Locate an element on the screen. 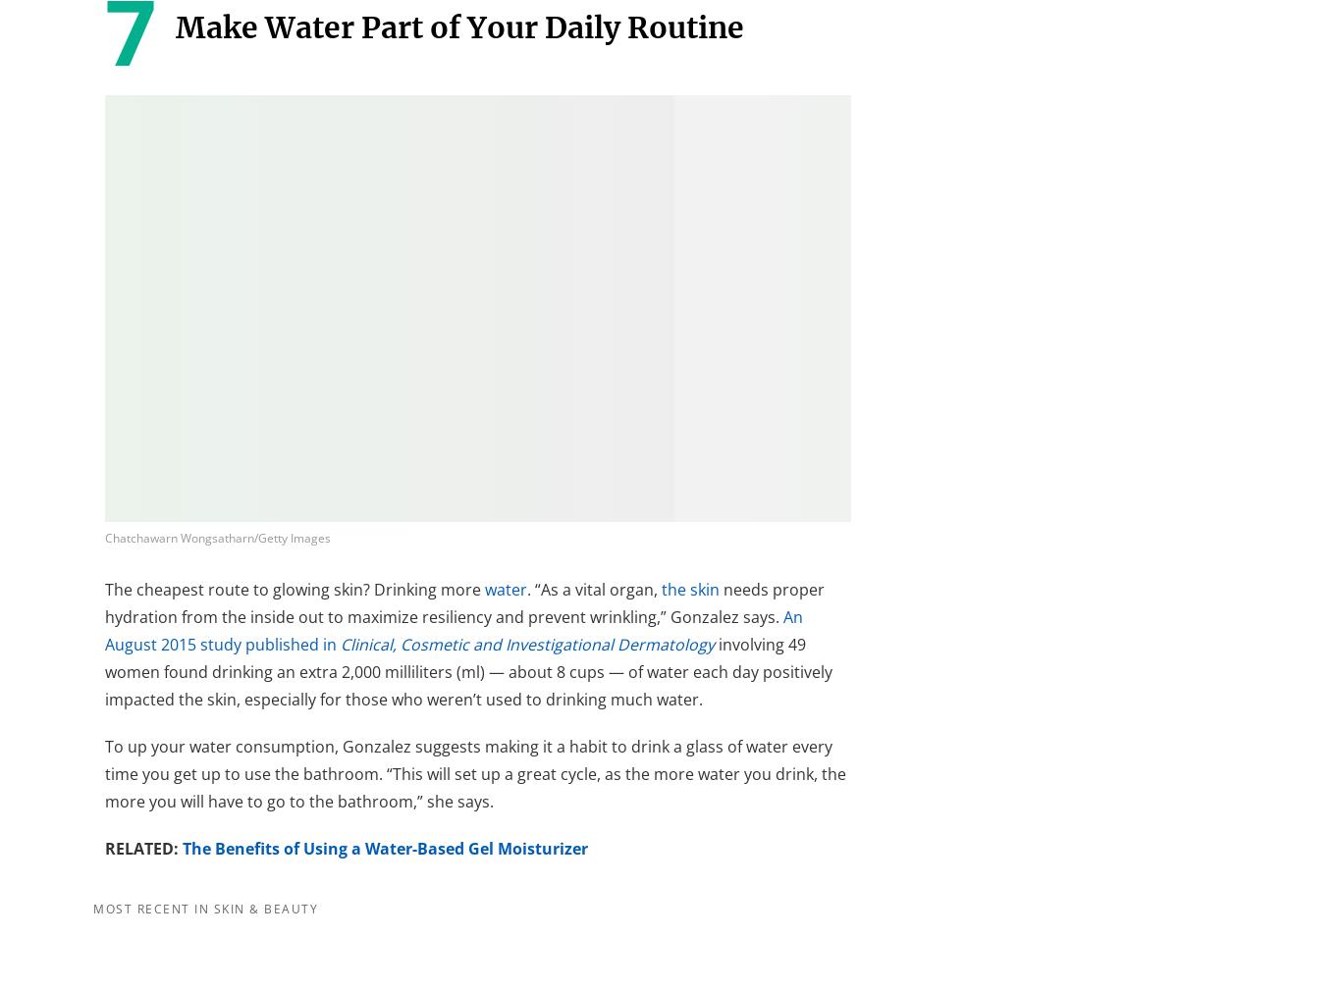 This screenshot has height=989, width=1341. 'needs proper hydration from the inside out to maximize resiliency and prevent wrinkling,” Gonzalez says.' is located at coordinates (464, 601).